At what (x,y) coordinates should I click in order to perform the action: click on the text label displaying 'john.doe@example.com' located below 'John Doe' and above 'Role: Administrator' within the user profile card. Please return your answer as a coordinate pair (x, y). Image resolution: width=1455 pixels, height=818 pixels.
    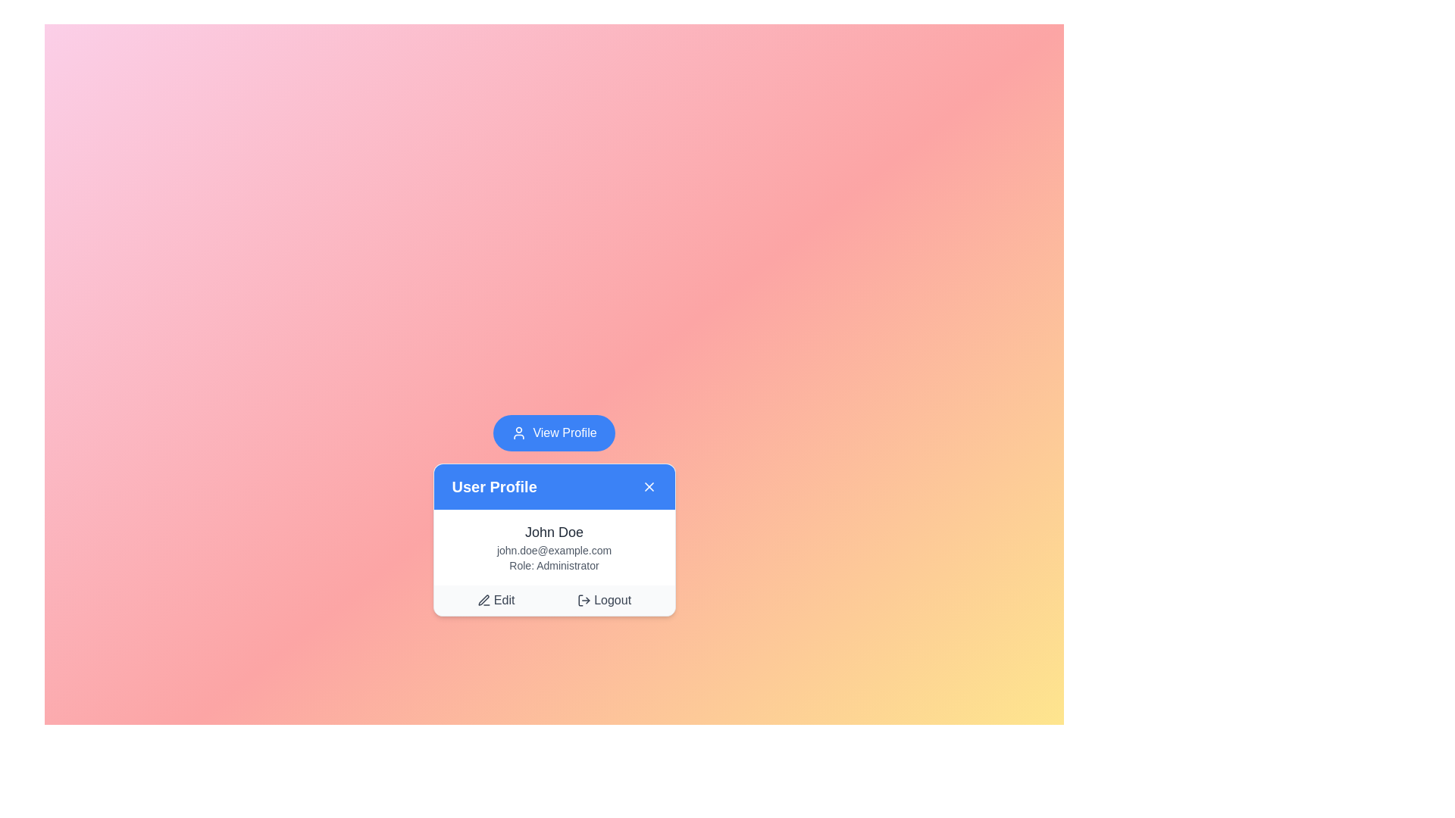
    Looking at the image, I should click on (553, 550).